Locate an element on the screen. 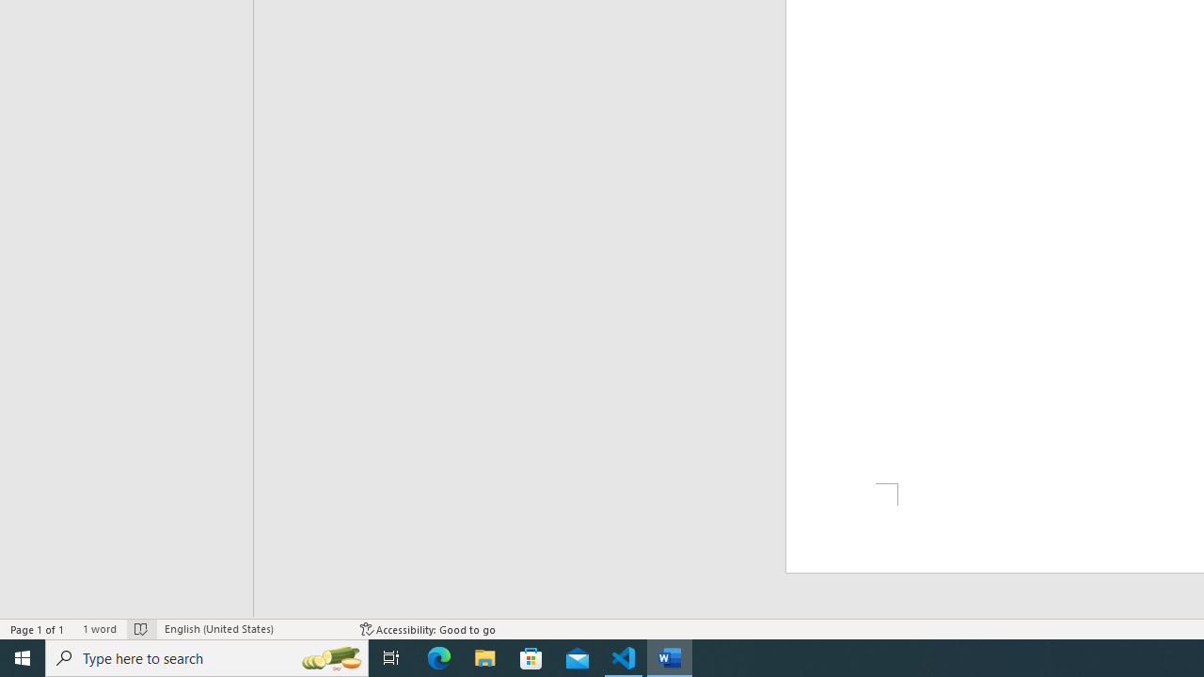  'Spelling and Grammar Check No Errors' is located at coordinates (140, 629).